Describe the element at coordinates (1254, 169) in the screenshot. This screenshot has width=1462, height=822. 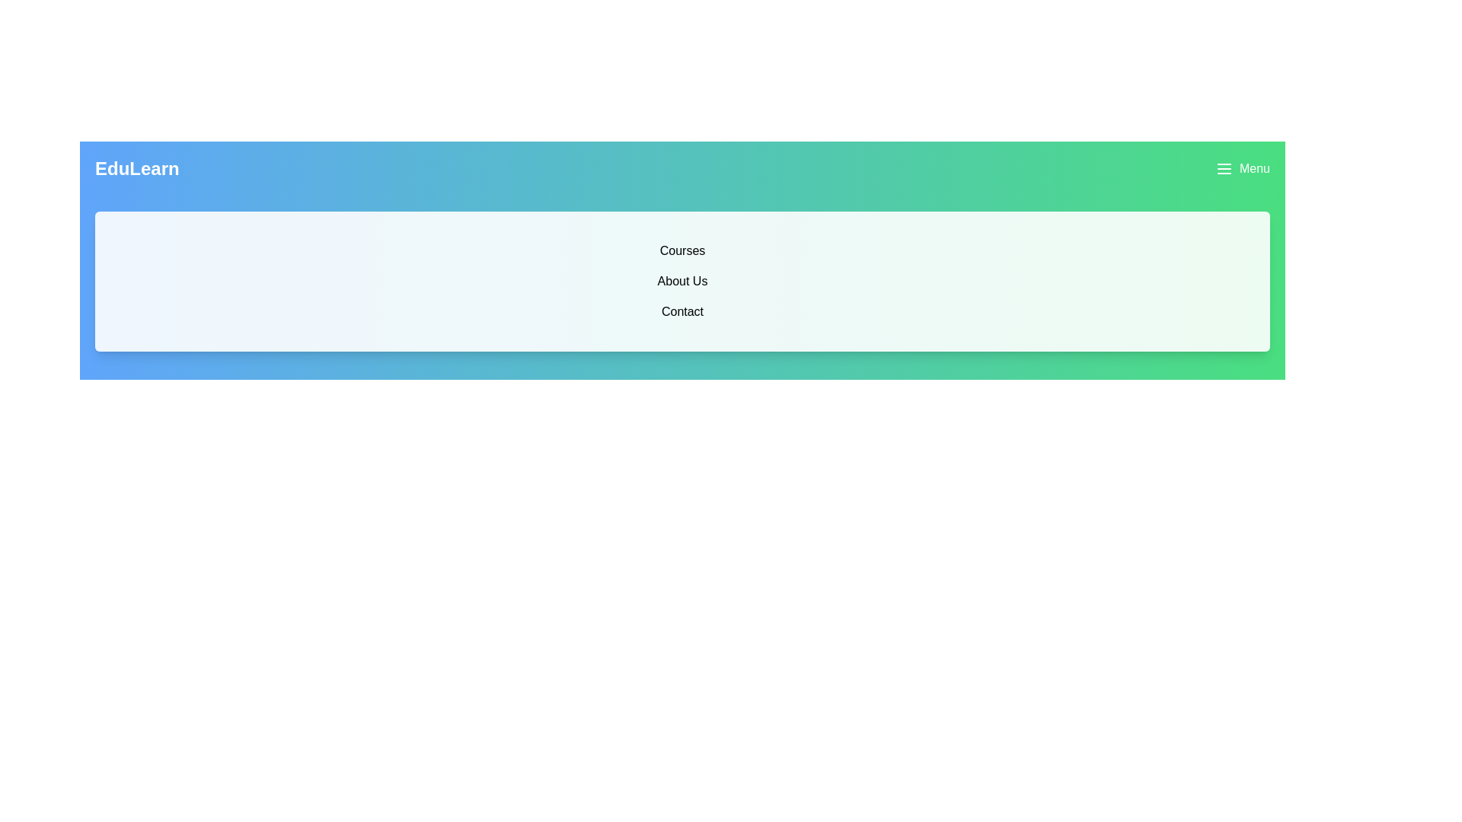
I see `the 'Menu' label, which displays bold white text on a green background, located in the top-right corner of the user interface adjacent to a three-line icon` at that location.